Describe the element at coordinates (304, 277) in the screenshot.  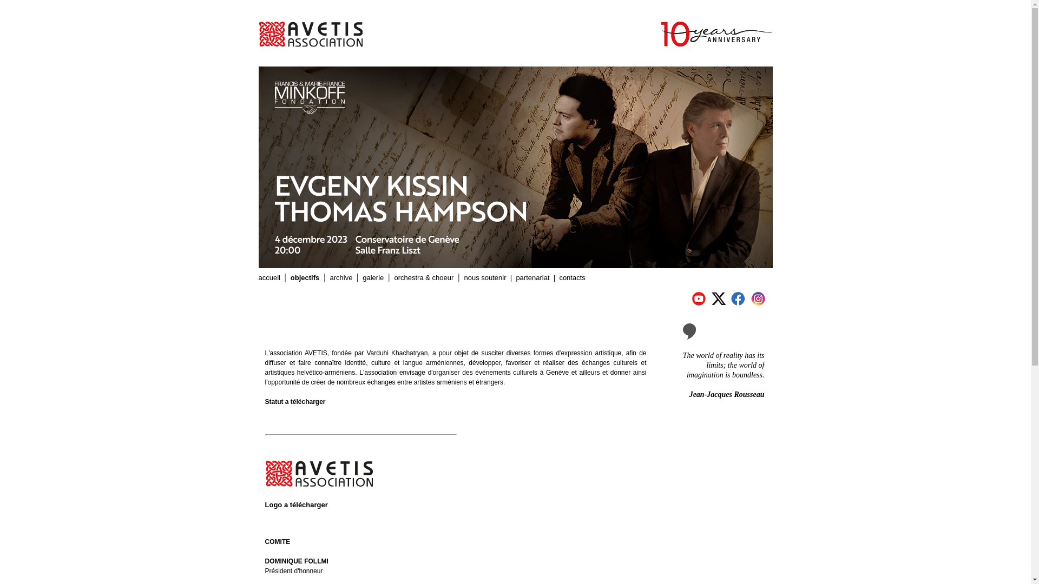
I see `'objectifs'` at that location.